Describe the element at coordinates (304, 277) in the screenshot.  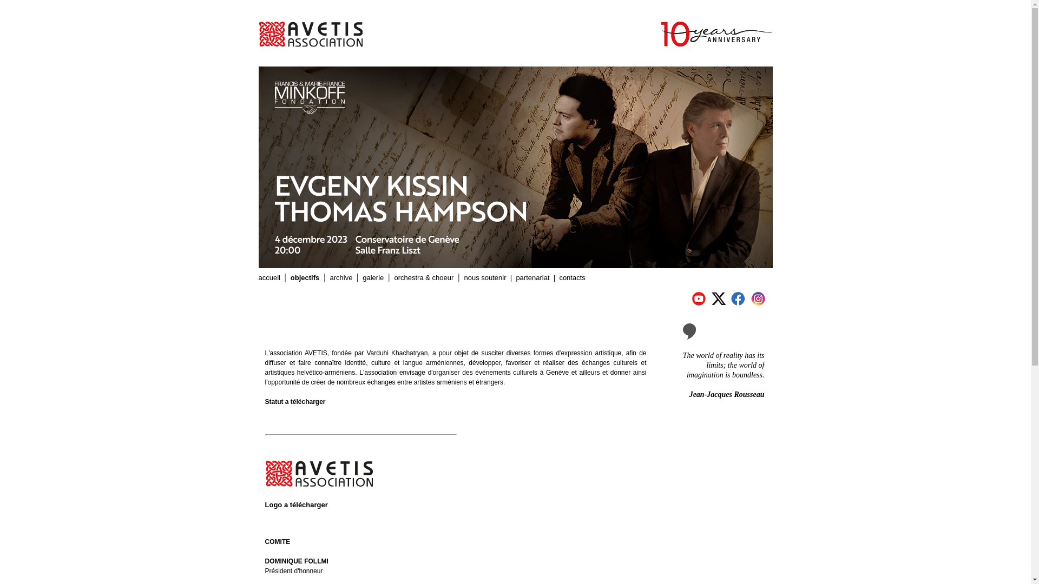
I see `'objectifs'` at that location.